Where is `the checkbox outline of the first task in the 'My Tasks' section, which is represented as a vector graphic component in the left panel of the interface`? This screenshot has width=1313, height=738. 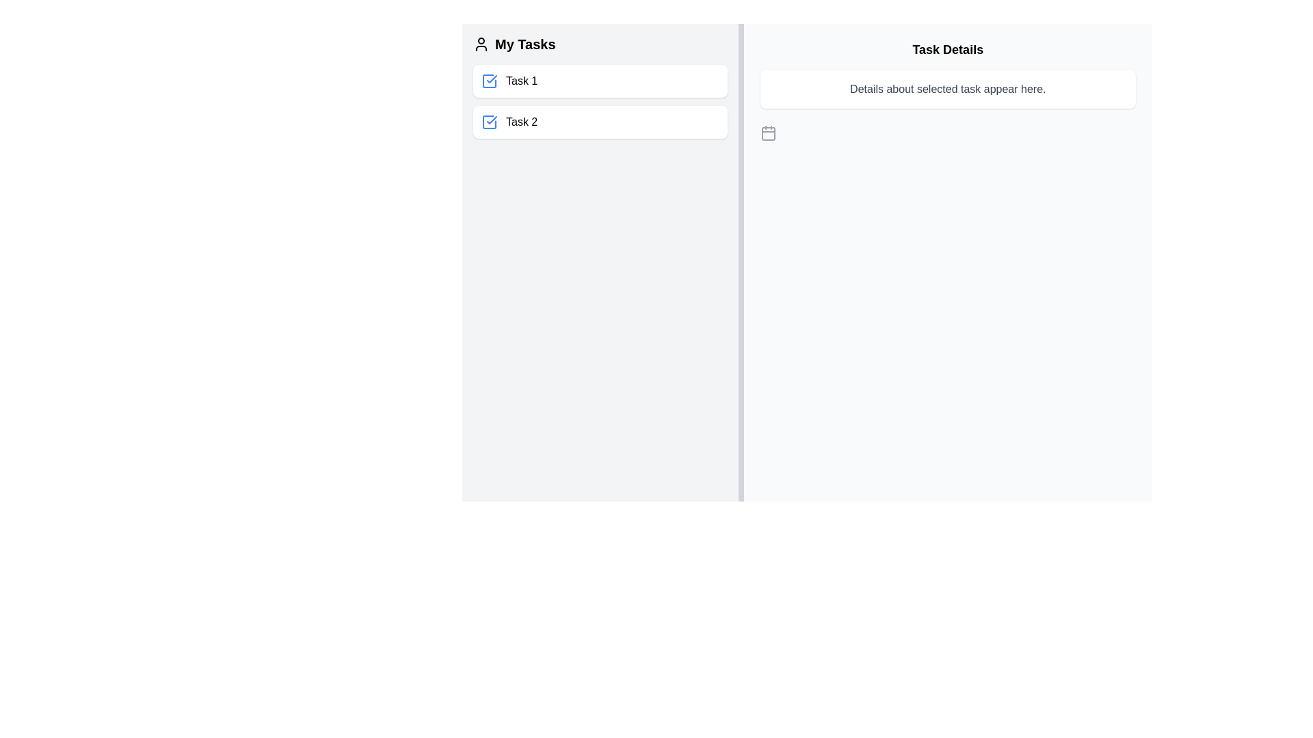
the checkbox outline of the first task in the 'My Tasks' section, which is represented as a vector graphic component in the left panel of the interface is located at coordinates (489, 81).